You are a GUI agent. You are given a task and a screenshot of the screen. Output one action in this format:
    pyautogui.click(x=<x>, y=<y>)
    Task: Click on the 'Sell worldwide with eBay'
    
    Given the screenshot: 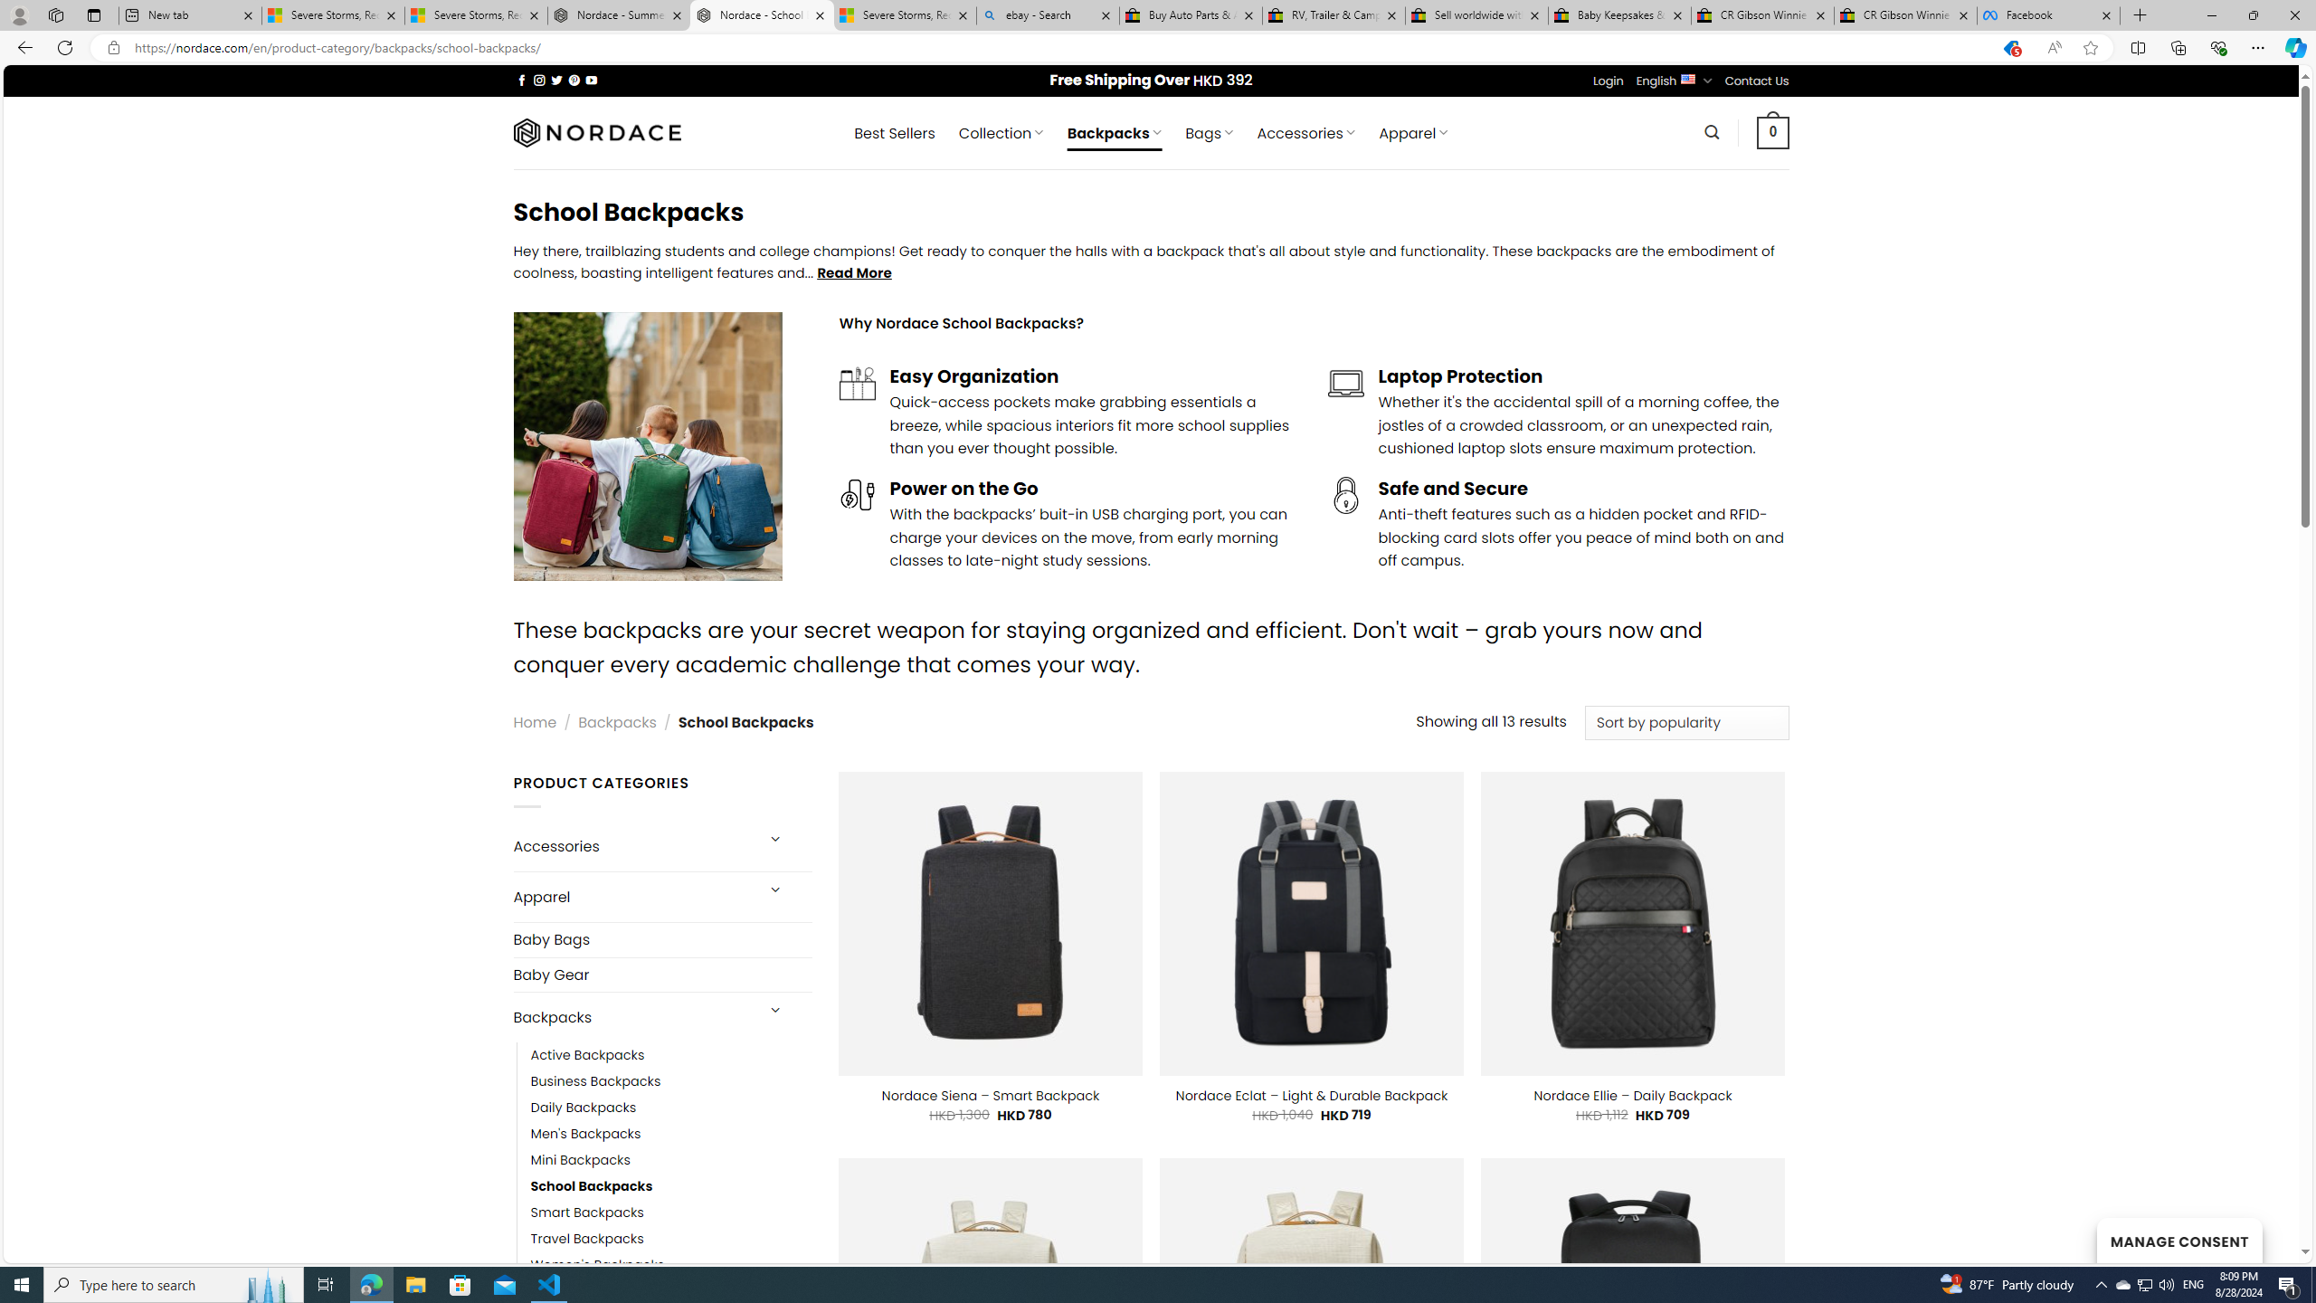 What is the action you would take?
    pyautogui.click(x=1476, y=14)
    